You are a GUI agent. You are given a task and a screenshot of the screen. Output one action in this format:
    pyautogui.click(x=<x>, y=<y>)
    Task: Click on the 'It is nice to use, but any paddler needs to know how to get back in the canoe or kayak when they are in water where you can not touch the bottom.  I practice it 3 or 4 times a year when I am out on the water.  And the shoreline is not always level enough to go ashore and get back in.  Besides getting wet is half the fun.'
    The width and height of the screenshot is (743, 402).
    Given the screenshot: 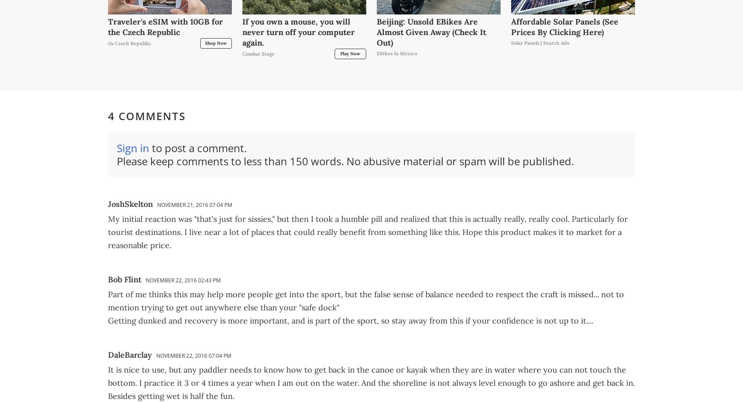 What is the action you would take?
    pyautogui.click(x=371, y=382)
    